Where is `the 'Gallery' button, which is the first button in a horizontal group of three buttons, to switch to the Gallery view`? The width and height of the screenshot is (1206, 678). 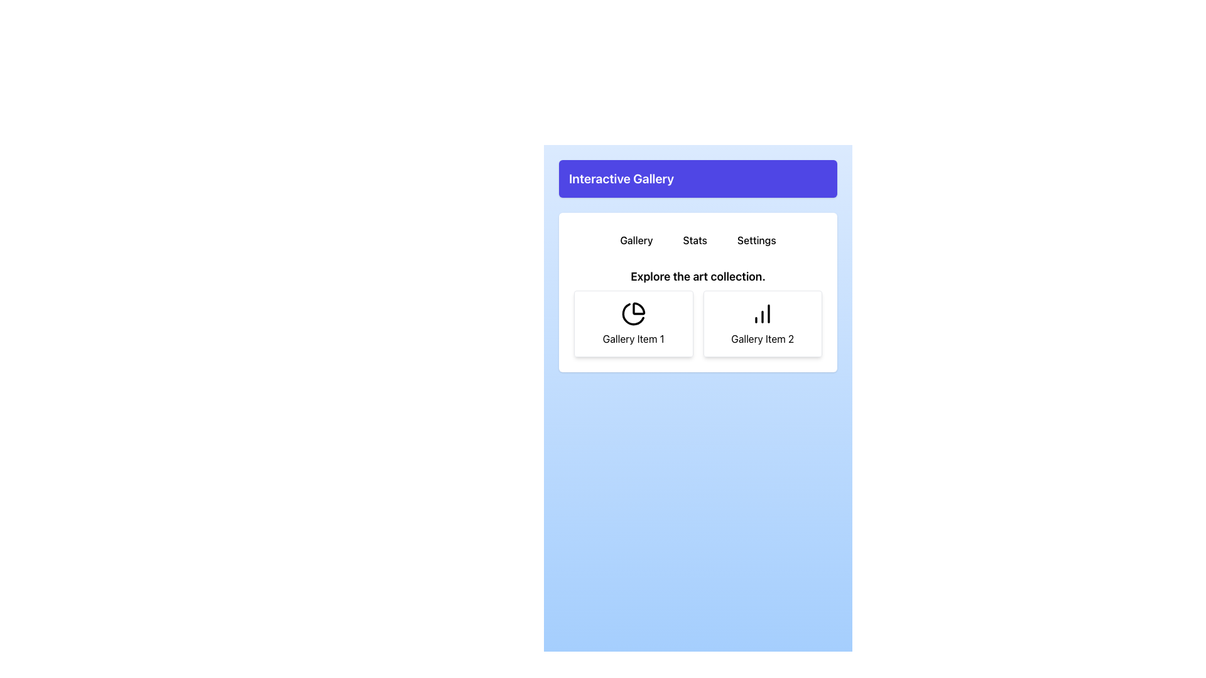
the 'Gallery' button, which is the first button in a horizontal group of three buttons, to switch to the Gallery view is located at coordinates (636, 240).